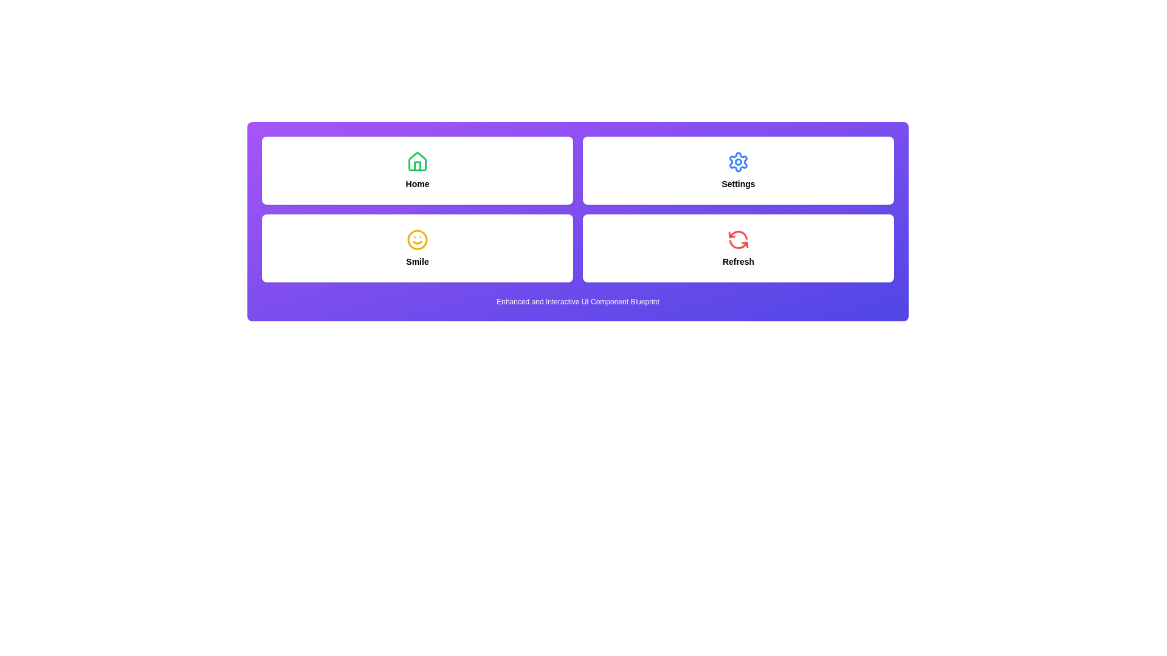 This screenshot has width=1167, height=656. I want to click on the 'Home' text label, which is styled in bold black font and positioned below the house icon in a card-like layout, so click(417, 184).